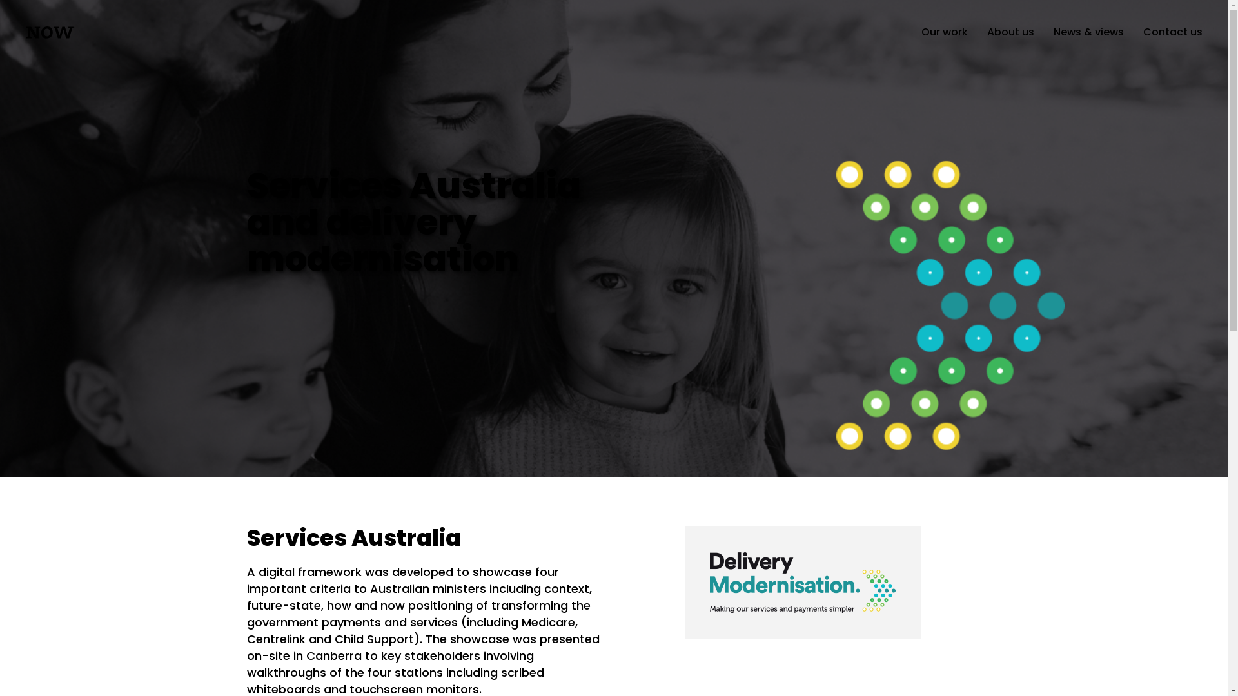  What do you see at coordinates (987, 31) in the screenshot?
I see `'About us'` at bounding box center [987, 31].